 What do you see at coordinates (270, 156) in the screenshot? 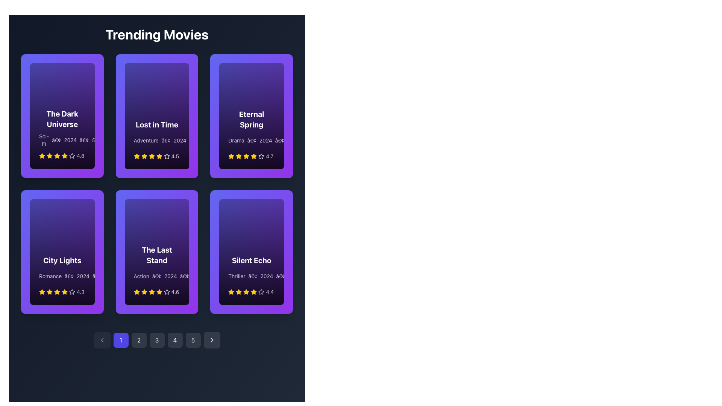
I see `numerical rating displayed on the 'Eternal Spring' movie card, which is located to the right of the yellow stars in the lower section of the card` at bounding box center [270, 156].